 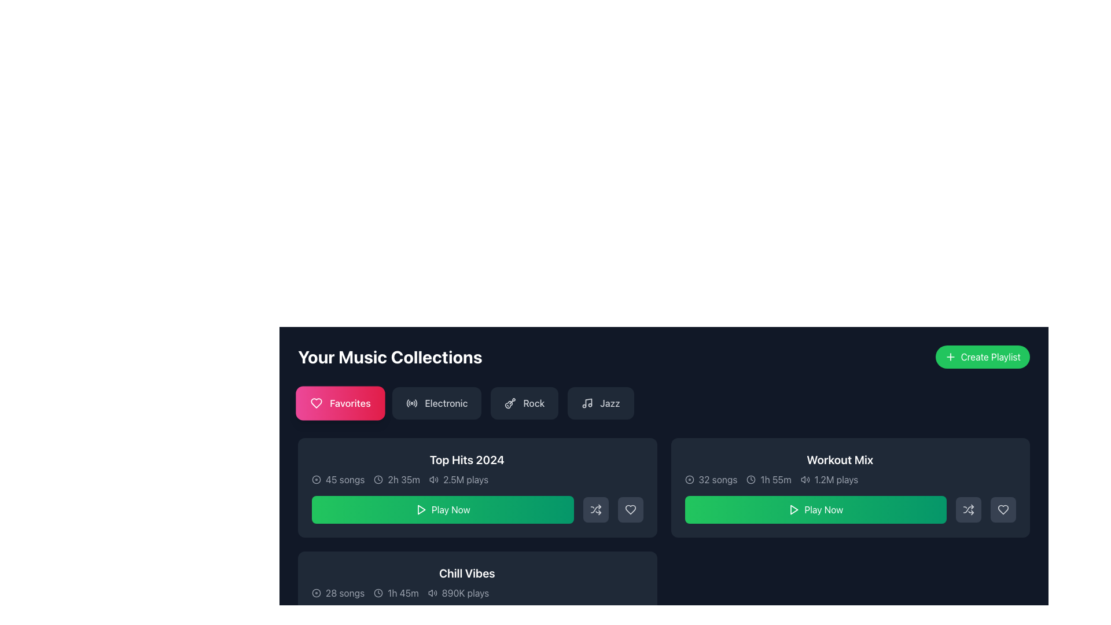 What do you see at coordinates (467, 480) in the screenshot?
I see `metadata information displayed in the text line with icons for the music collection labeled 'Top Hits 2024', which includes the number of songs, total duration, and play count` at bounding box center [467, 480].